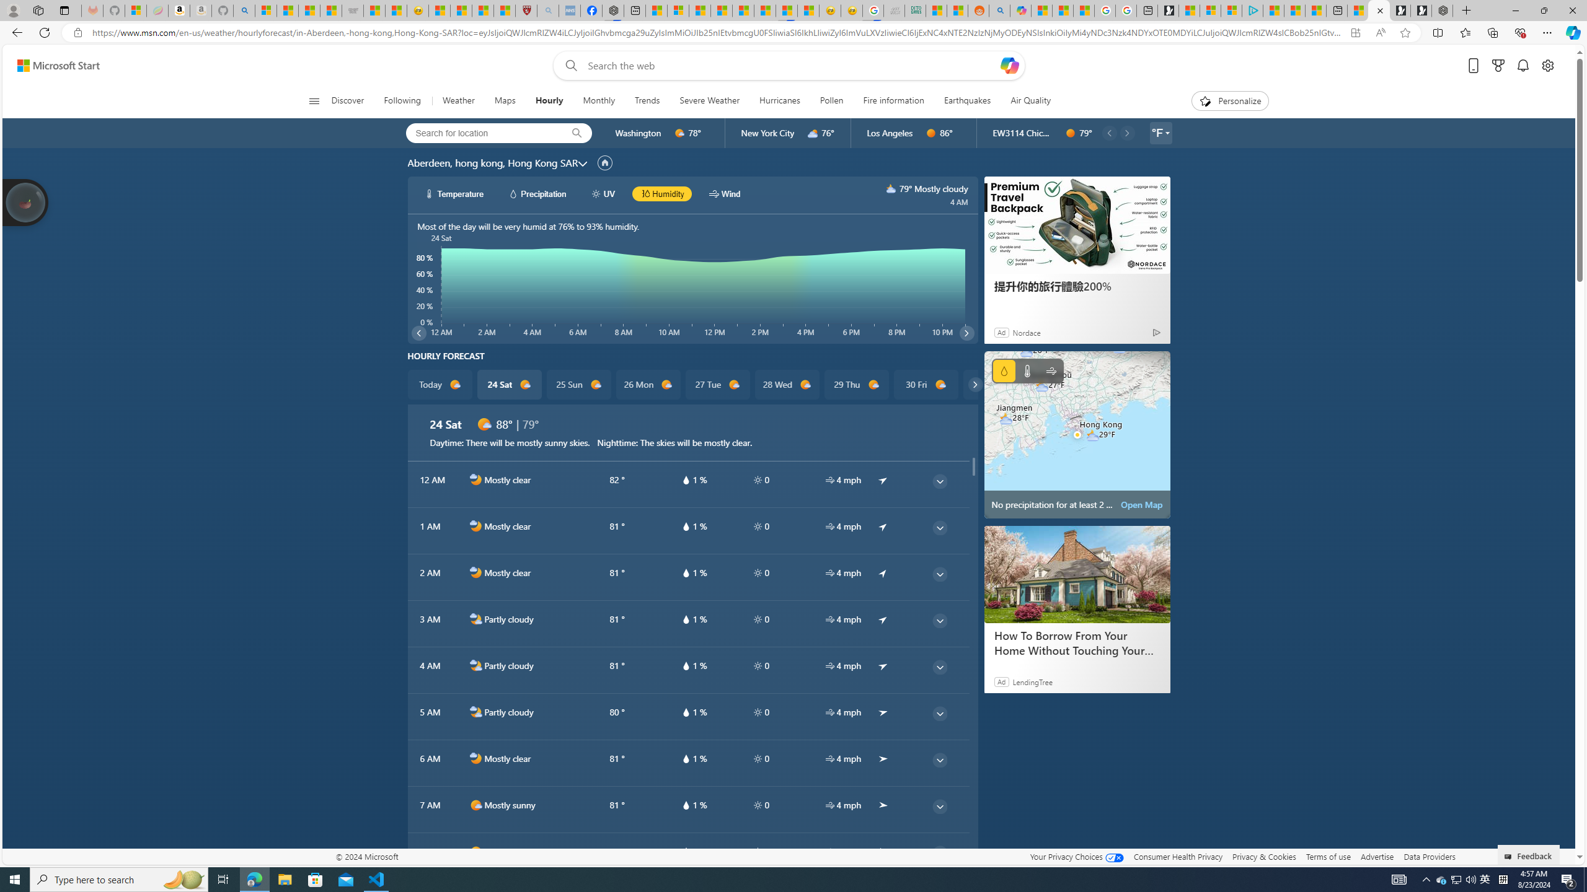 The width and height of the screenshot is (1587, 892). I want to click on 'hourlyChart/windWhite', so click(715, 193).